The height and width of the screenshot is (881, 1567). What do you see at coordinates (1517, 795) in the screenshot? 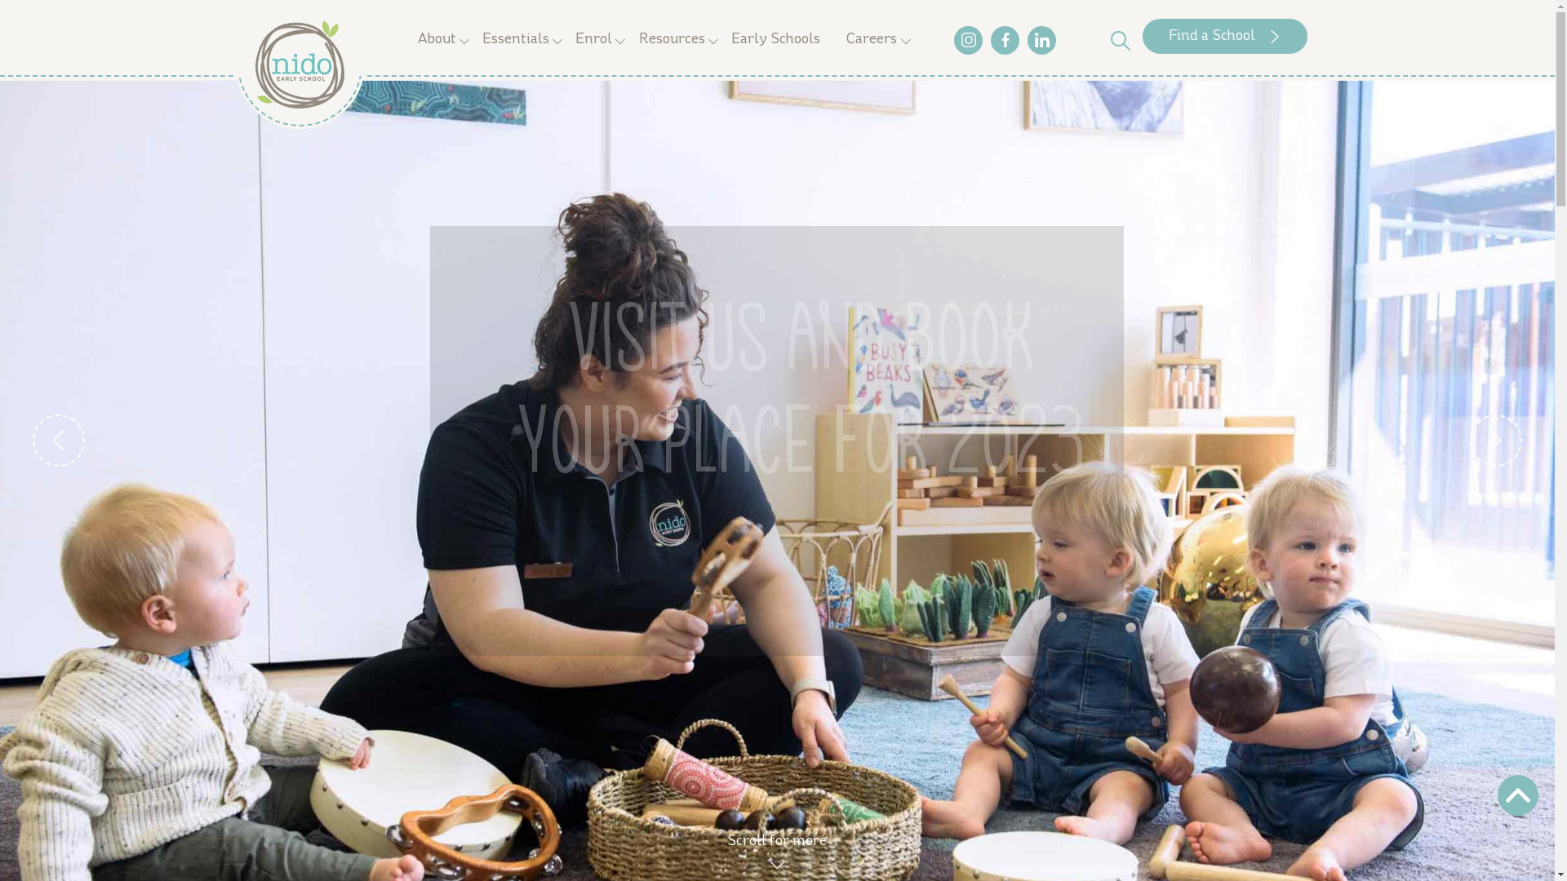
I see `'Scroll'` at bounding box center [1517, 795].